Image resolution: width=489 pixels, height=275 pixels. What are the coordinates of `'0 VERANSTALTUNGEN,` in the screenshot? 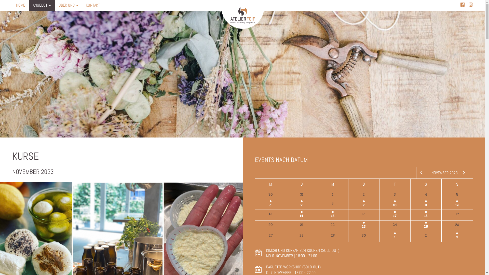 It's located at (270, 236).